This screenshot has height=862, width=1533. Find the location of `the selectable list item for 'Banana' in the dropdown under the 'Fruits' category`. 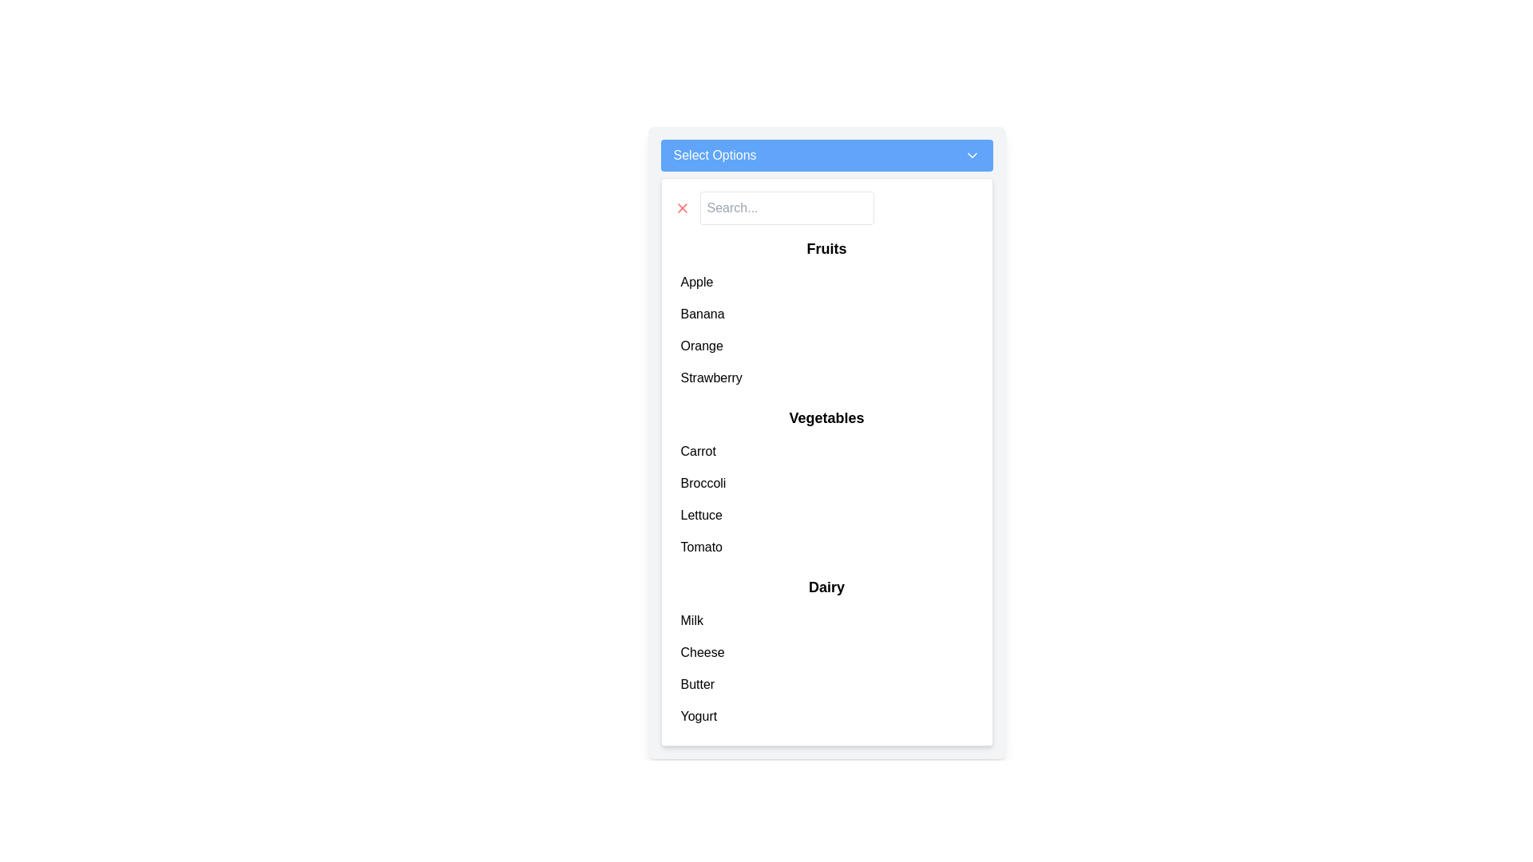

the selectable list item for 'Banana' in the dropdown under the 'Fruits' category is located at coordinates (703, 314).